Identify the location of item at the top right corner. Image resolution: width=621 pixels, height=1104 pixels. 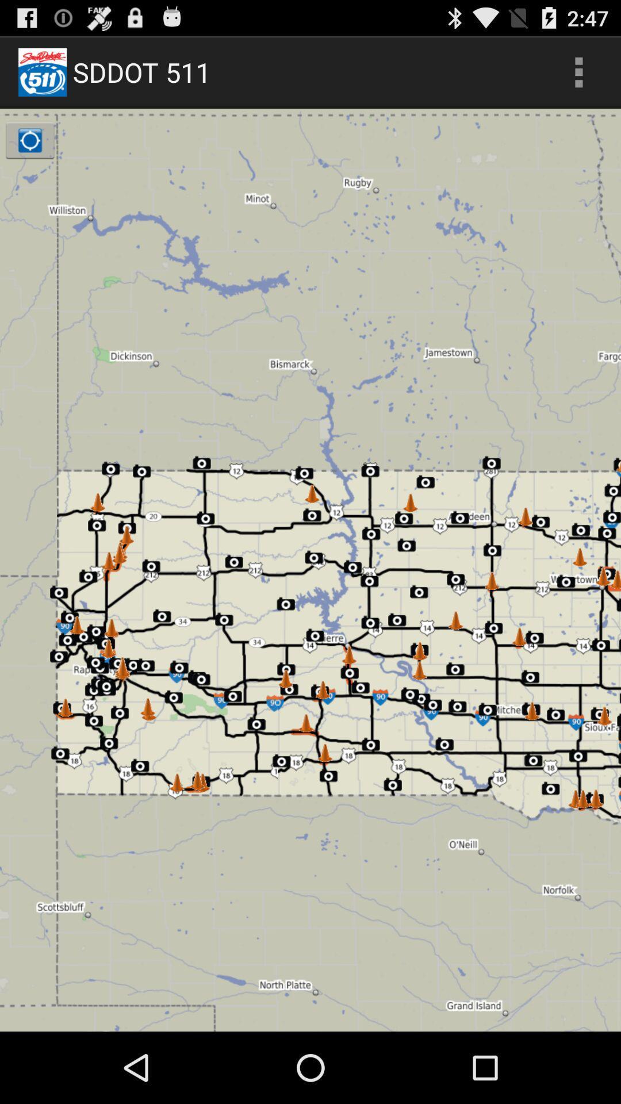
(578, 71).